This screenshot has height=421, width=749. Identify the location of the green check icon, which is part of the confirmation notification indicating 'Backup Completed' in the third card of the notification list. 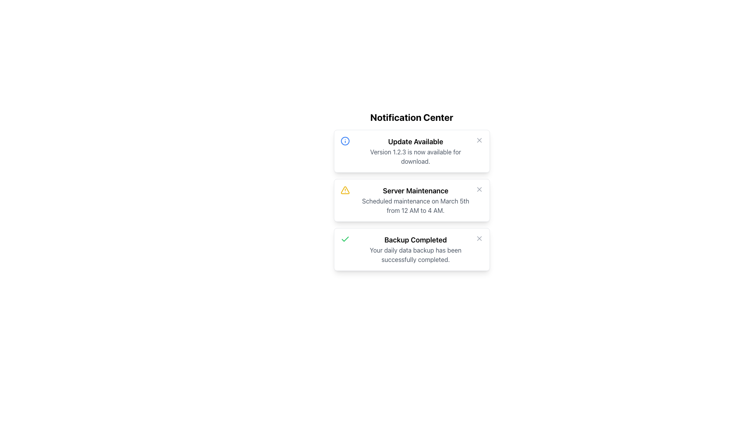
(344, 239).